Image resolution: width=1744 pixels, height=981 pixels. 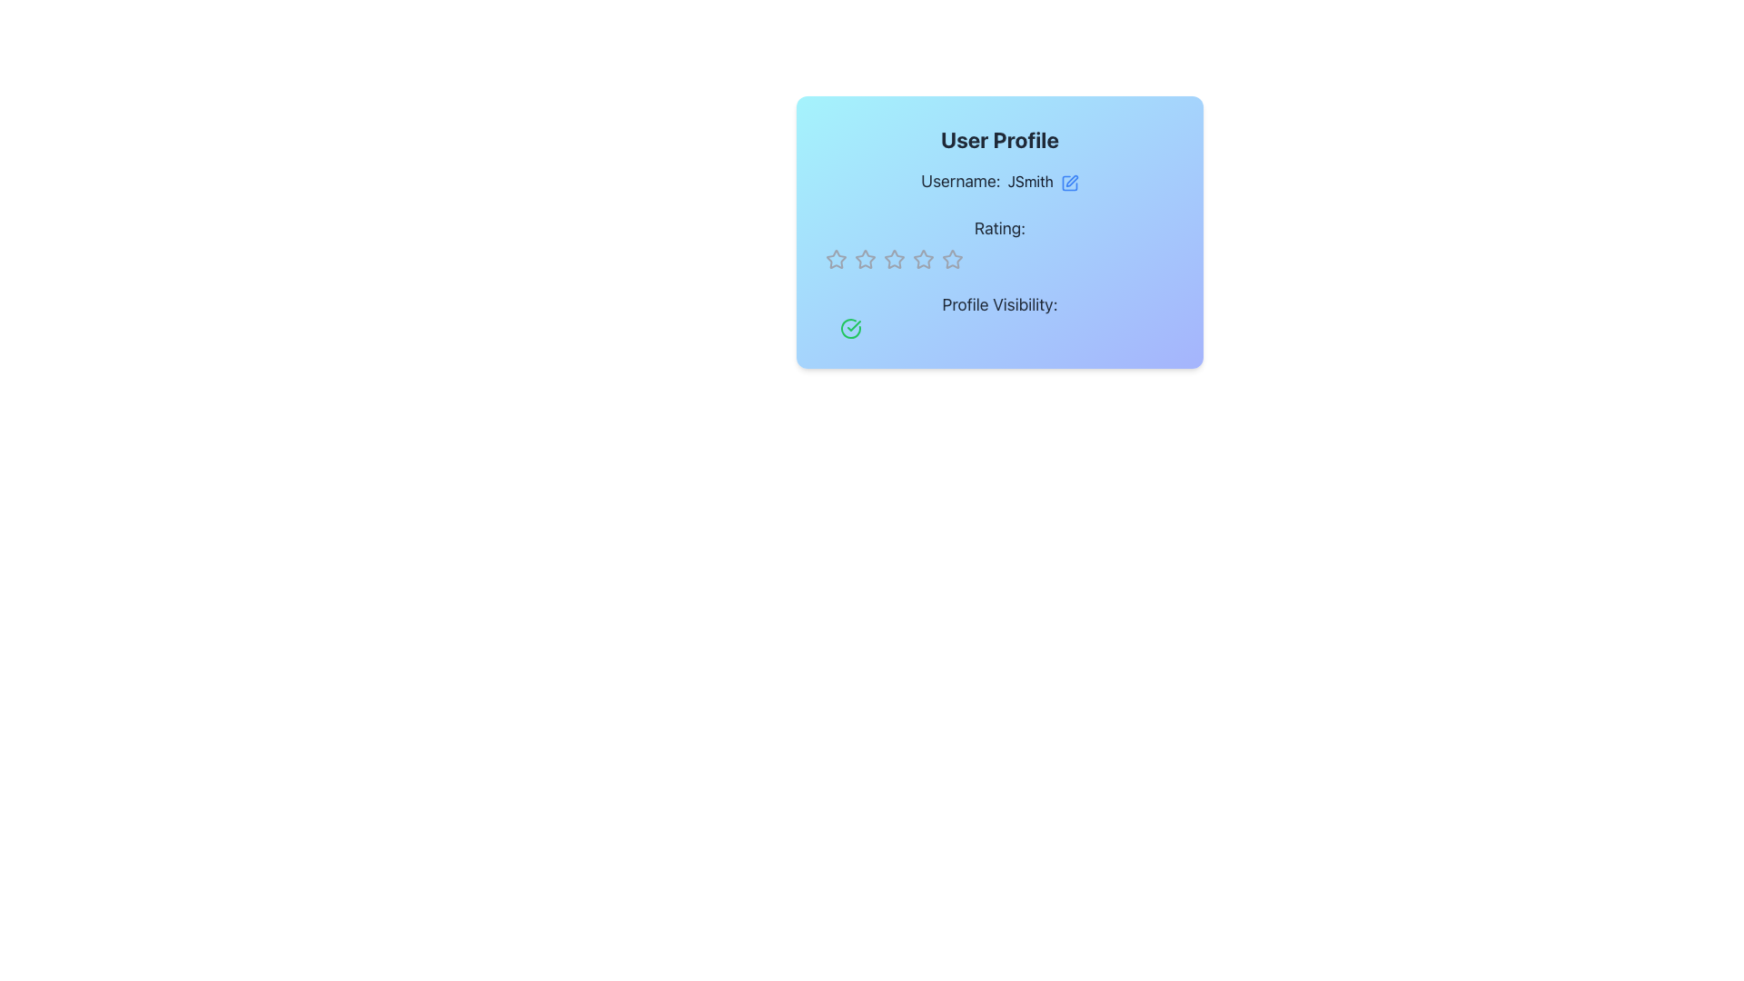 What do you see at coordinates (849, 329) in the screenshot?
I see `the 'verified' or 'confirmed' status icon located to the left of the 'Profile Visibility:' label, positioned slightly below the last text in the interface` at bounding box center [849, 329].